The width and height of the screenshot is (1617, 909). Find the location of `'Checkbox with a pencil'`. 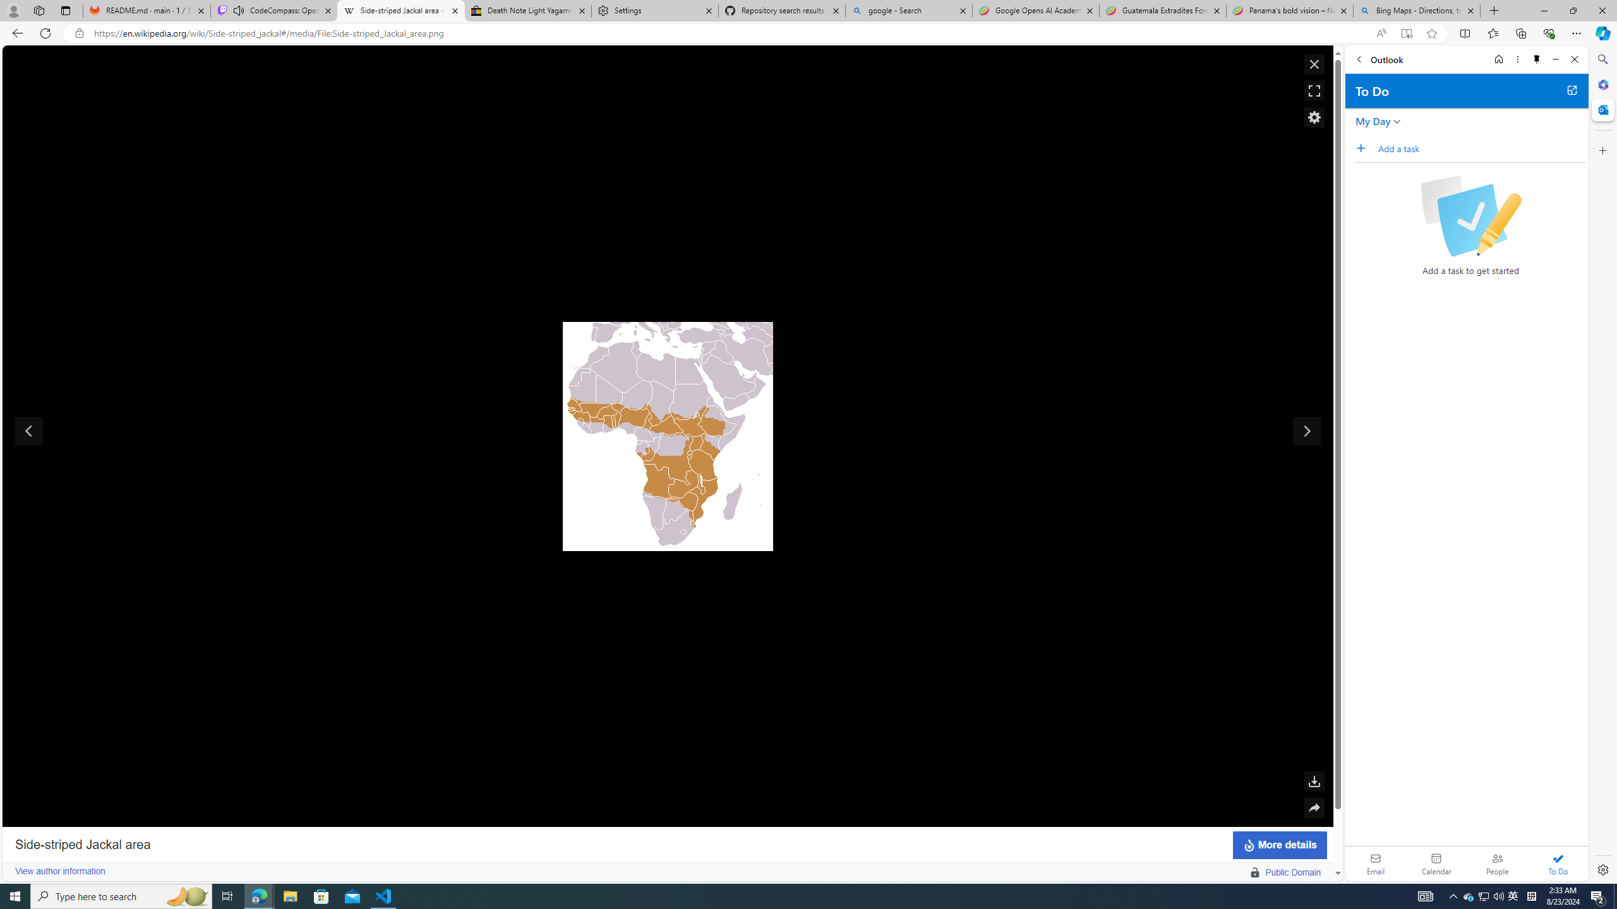

'Checkbox with a pencil' is located at coordinates (1470, 215).